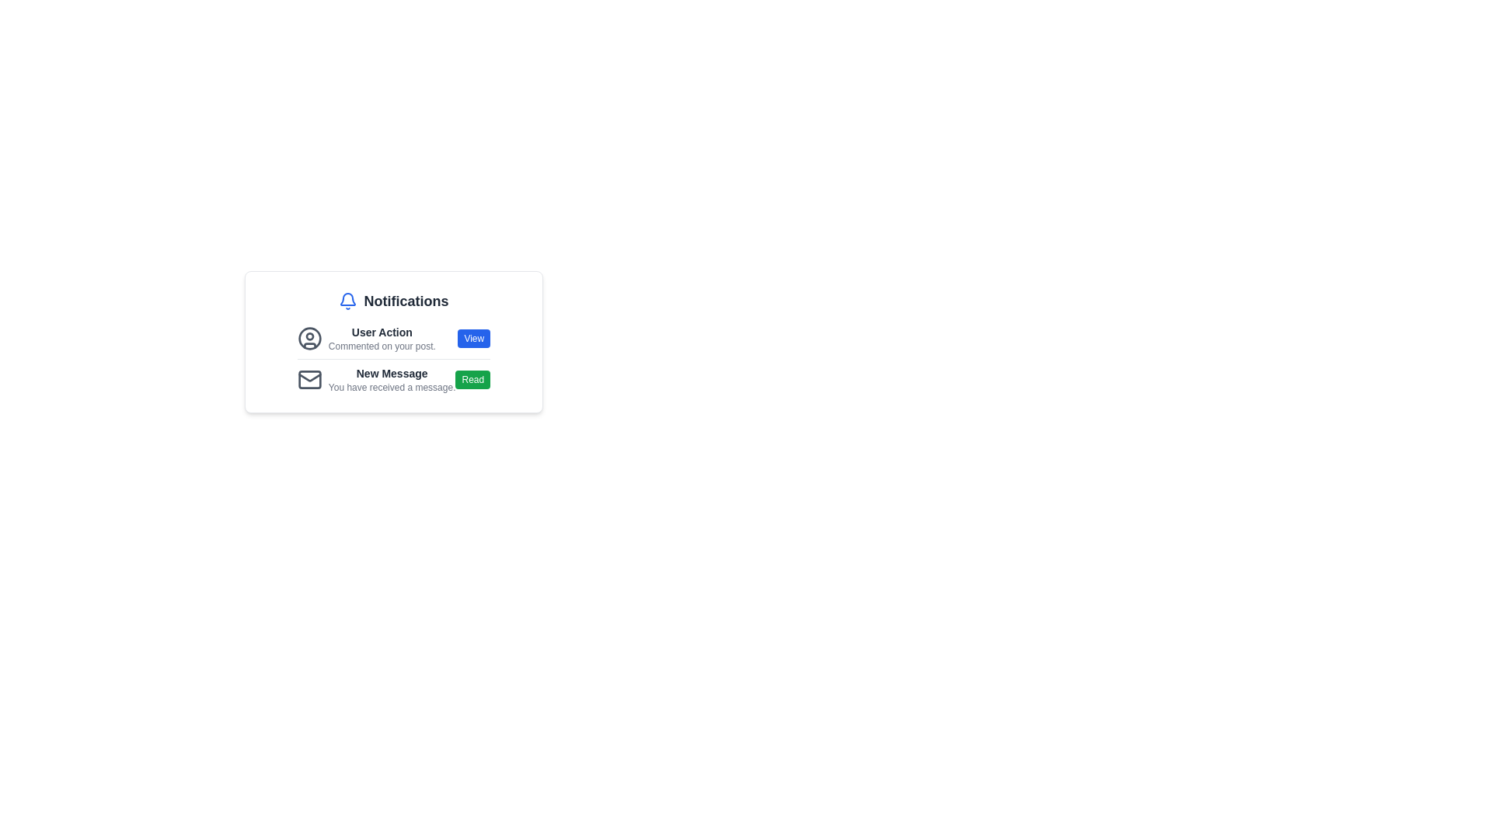  Describe the element at coordinates (365, 337) in the screenshot. I see `notification text for the entry stating 'User Action' and 'Commented on your post.' which is located in the top half of the notification card, above the 'New Message' entry` at that location.